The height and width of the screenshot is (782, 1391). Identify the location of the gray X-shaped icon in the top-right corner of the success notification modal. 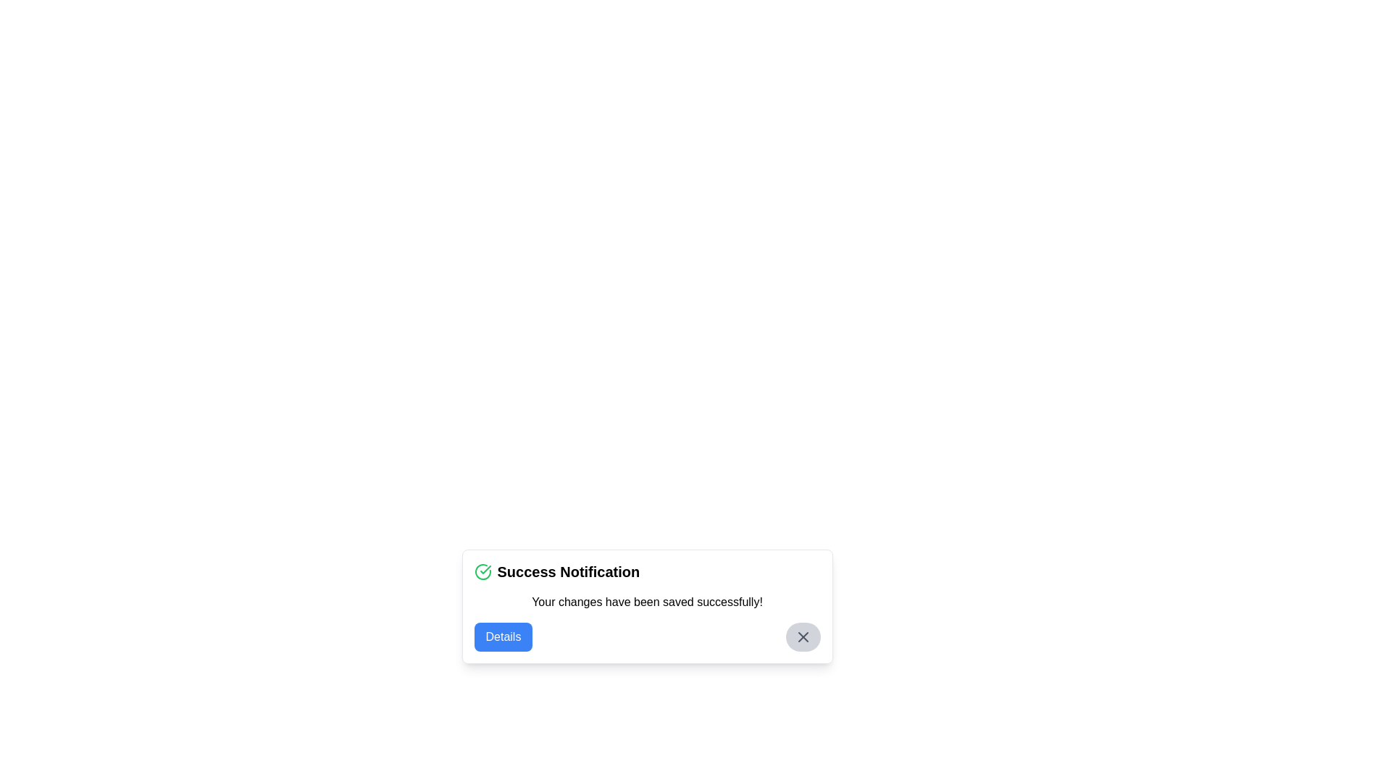
(802, 636).